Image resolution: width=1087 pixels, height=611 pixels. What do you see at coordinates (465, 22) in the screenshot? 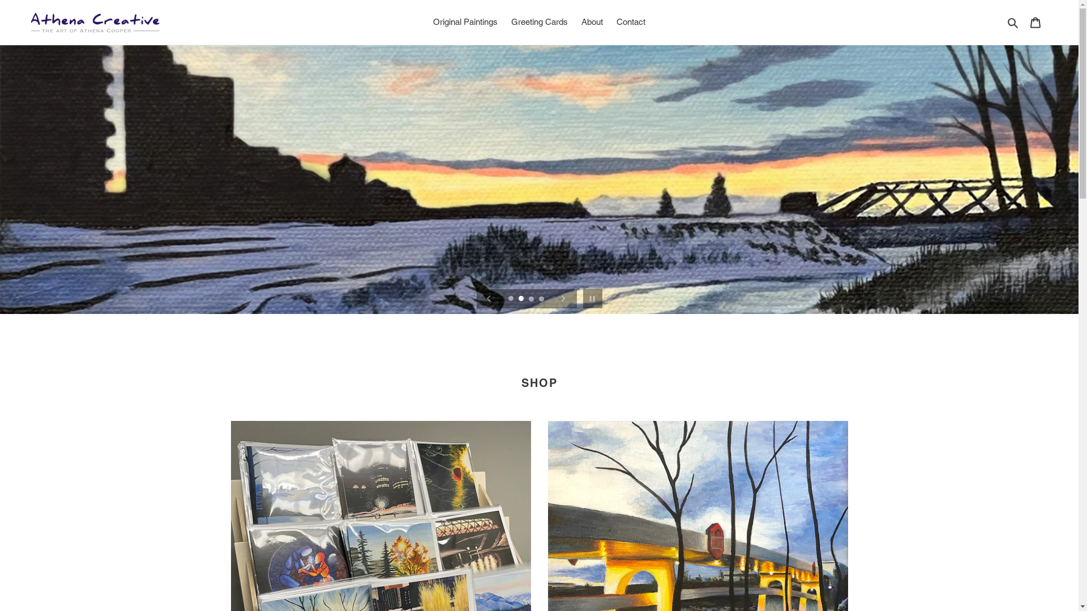
I see `'Original Paintings'` at bounding box center [465, 22].